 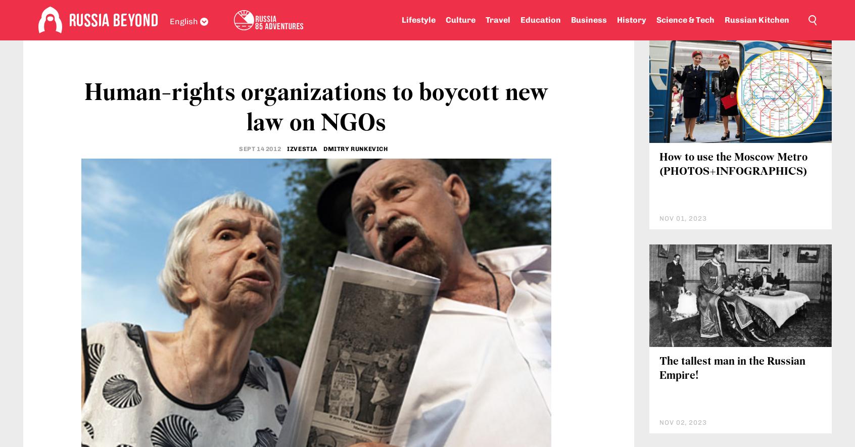 I want to click on 'Russian Kitchen', so click(x=756, y=20).